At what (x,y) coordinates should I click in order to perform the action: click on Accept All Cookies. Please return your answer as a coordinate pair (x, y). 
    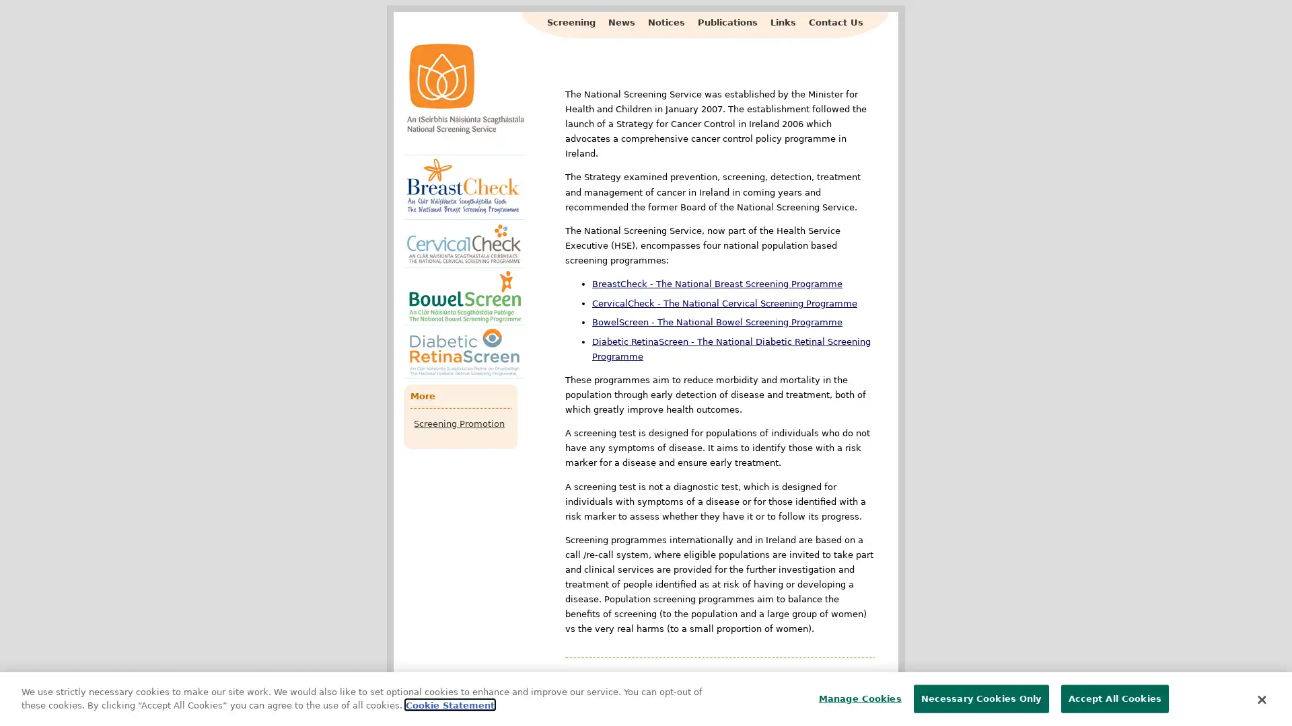
    Looking at the image, I should click on (1114, 696).